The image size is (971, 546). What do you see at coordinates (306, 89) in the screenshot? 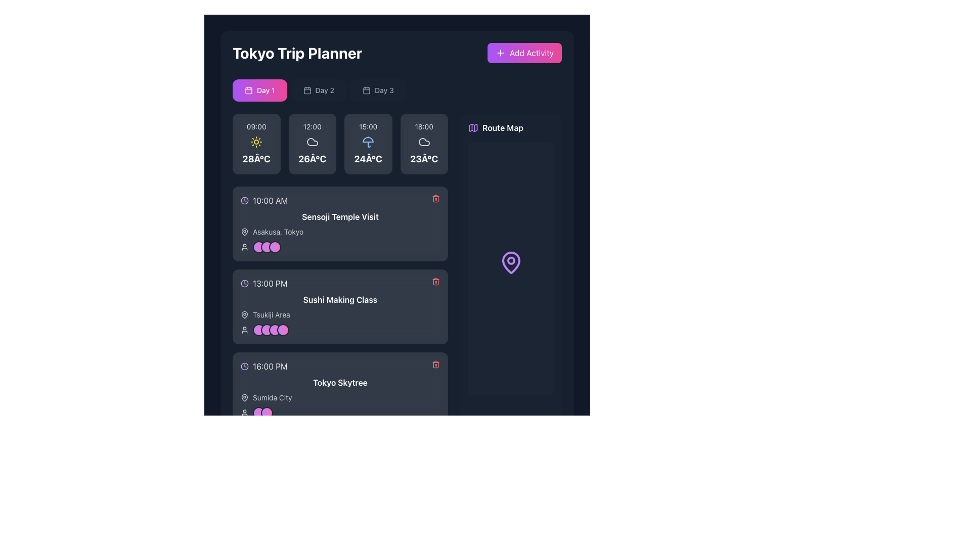
I see `the non-interactive calendar icon, which is a decorative element located near the 'Day 2' button in the top-left section of the interface` at bounding box center [306, 89].